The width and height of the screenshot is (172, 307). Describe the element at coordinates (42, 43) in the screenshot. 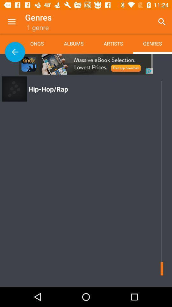

I see `songs item` at that location.